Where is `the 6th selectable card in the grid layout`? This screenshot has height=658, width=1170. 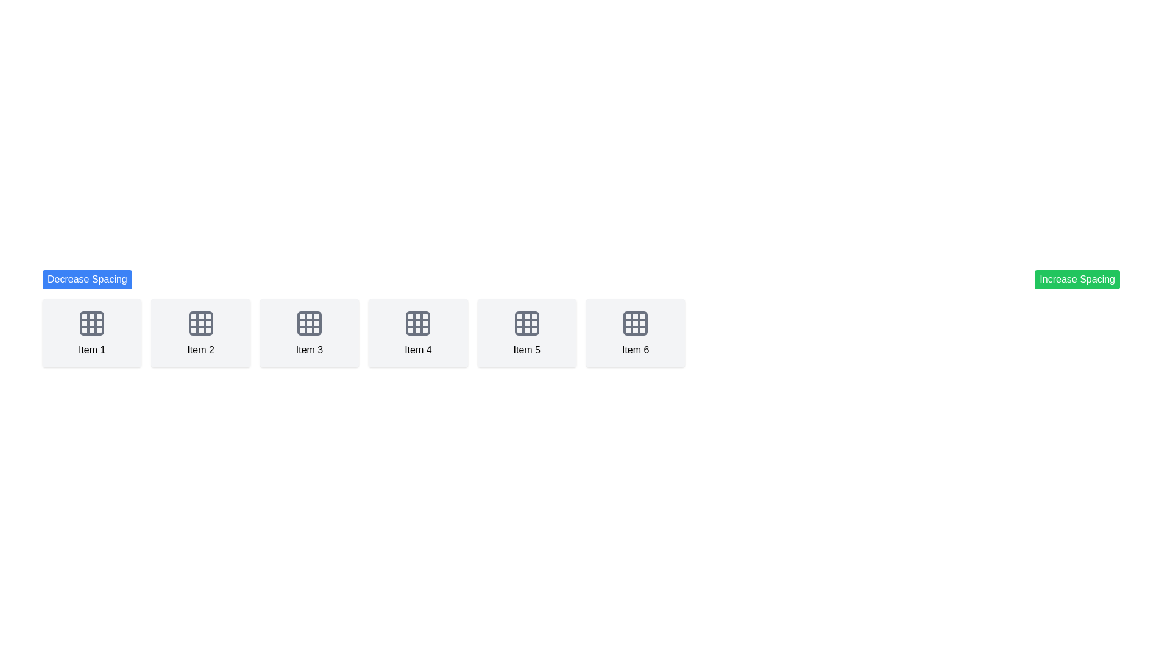 the 6th selectable card in the grid layout is located at coordinates (635, 333).